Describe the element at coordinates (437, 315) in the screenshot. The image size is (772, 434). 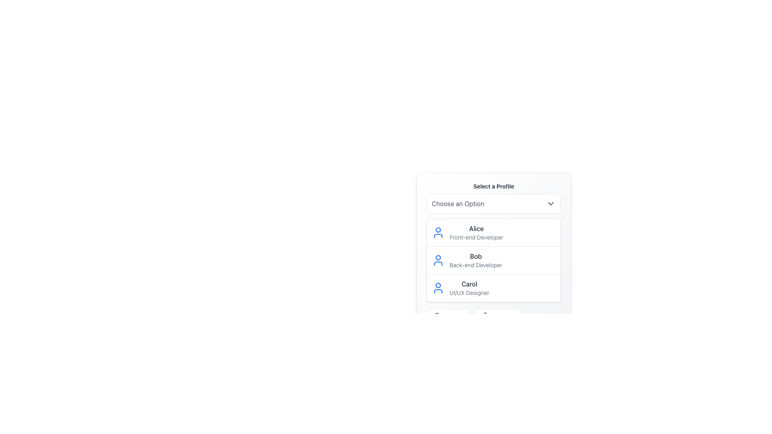
I see `the circular graphic element located in the bottom-left corner of the interface, which is part of a larger SVG graphic and likely associated with search functionality` at that location.